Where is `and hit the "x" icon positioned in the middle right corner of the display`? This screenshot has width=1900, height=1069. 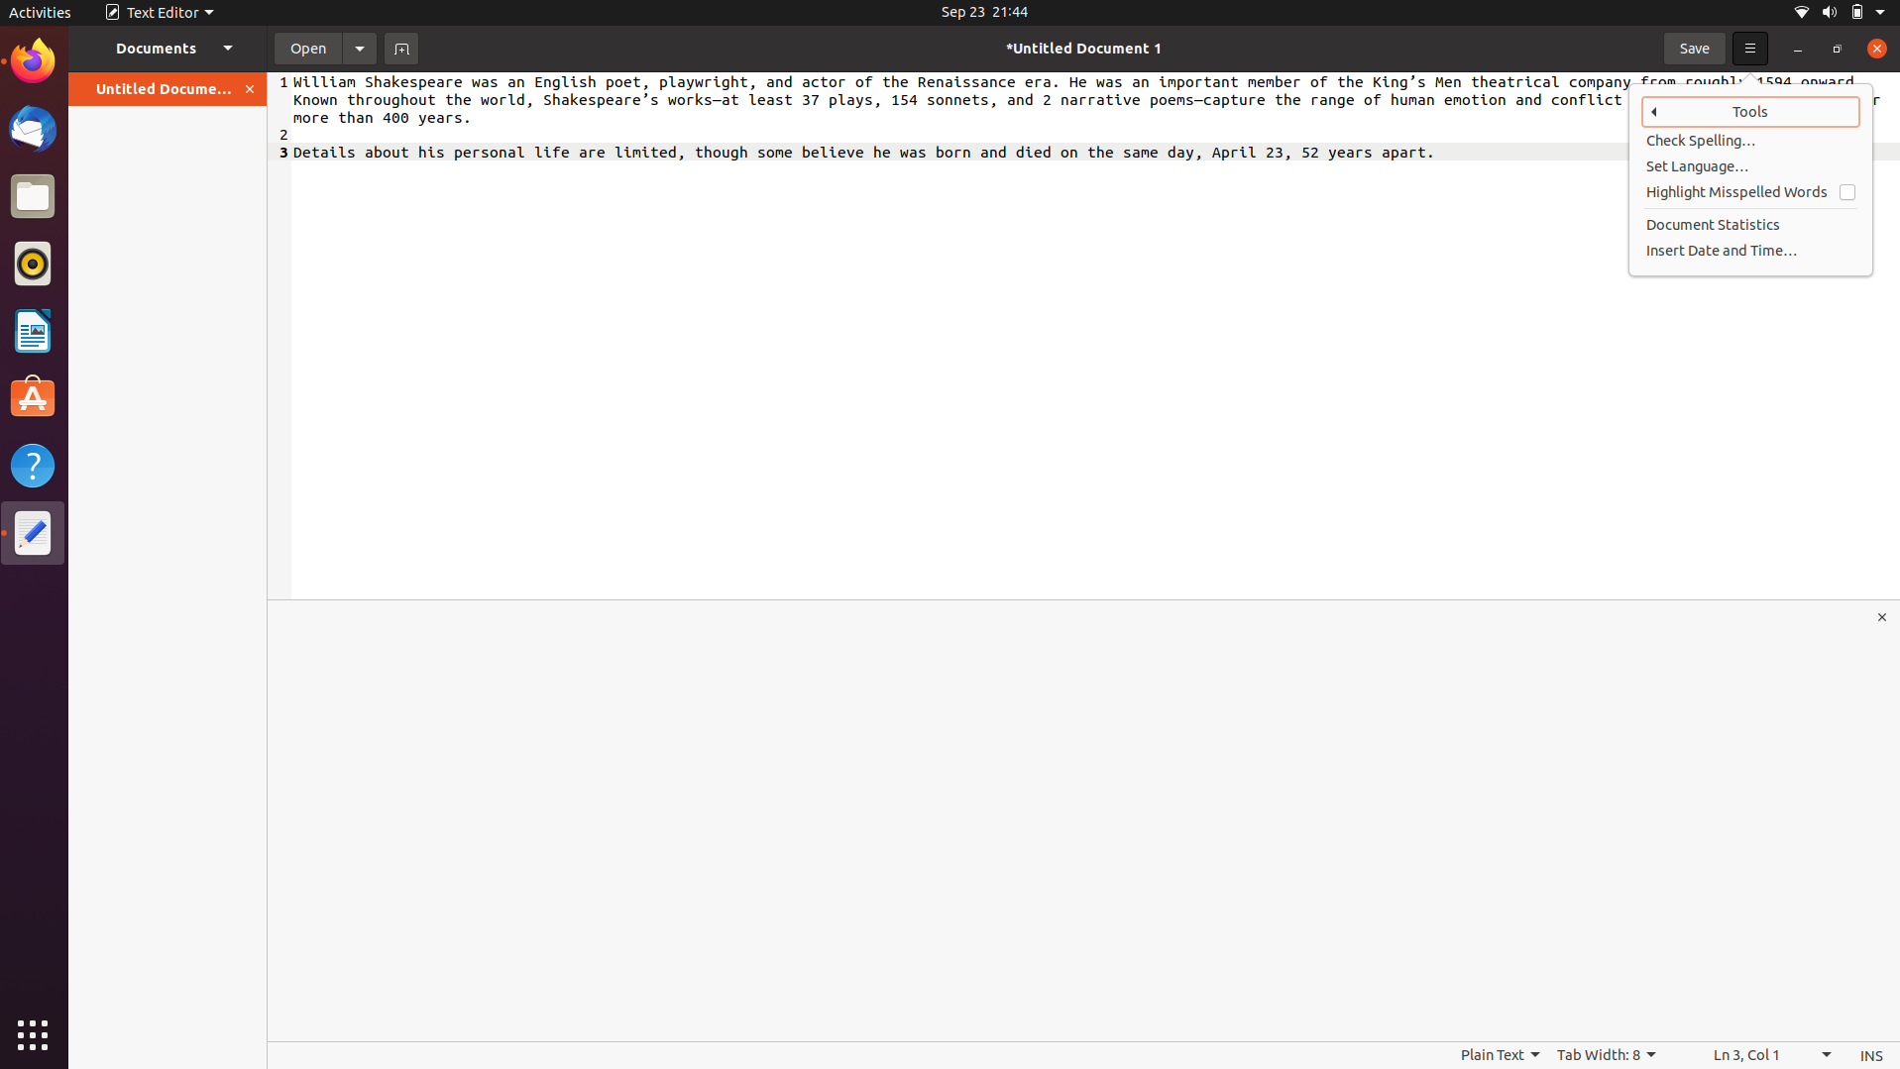 and hit the "x" icon positioned in the middle right corner of the display is located at coordinates (1883, 616).